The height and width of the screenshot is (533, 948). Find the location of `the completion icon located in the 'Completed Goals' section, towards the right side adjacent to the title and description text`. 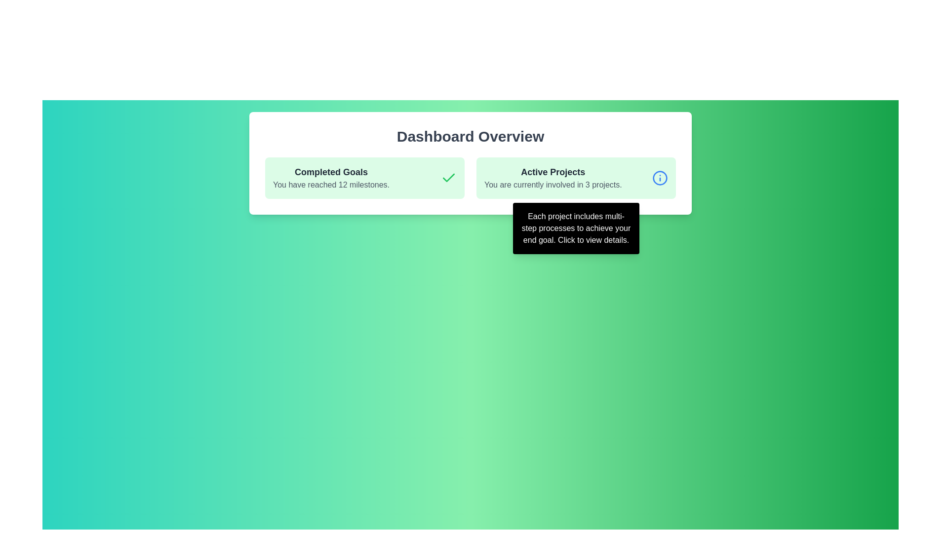

the completion icon located in the 'Completed Goals' section, towards the right side adjacent to the title and description text is located at coordinates (448, 178).